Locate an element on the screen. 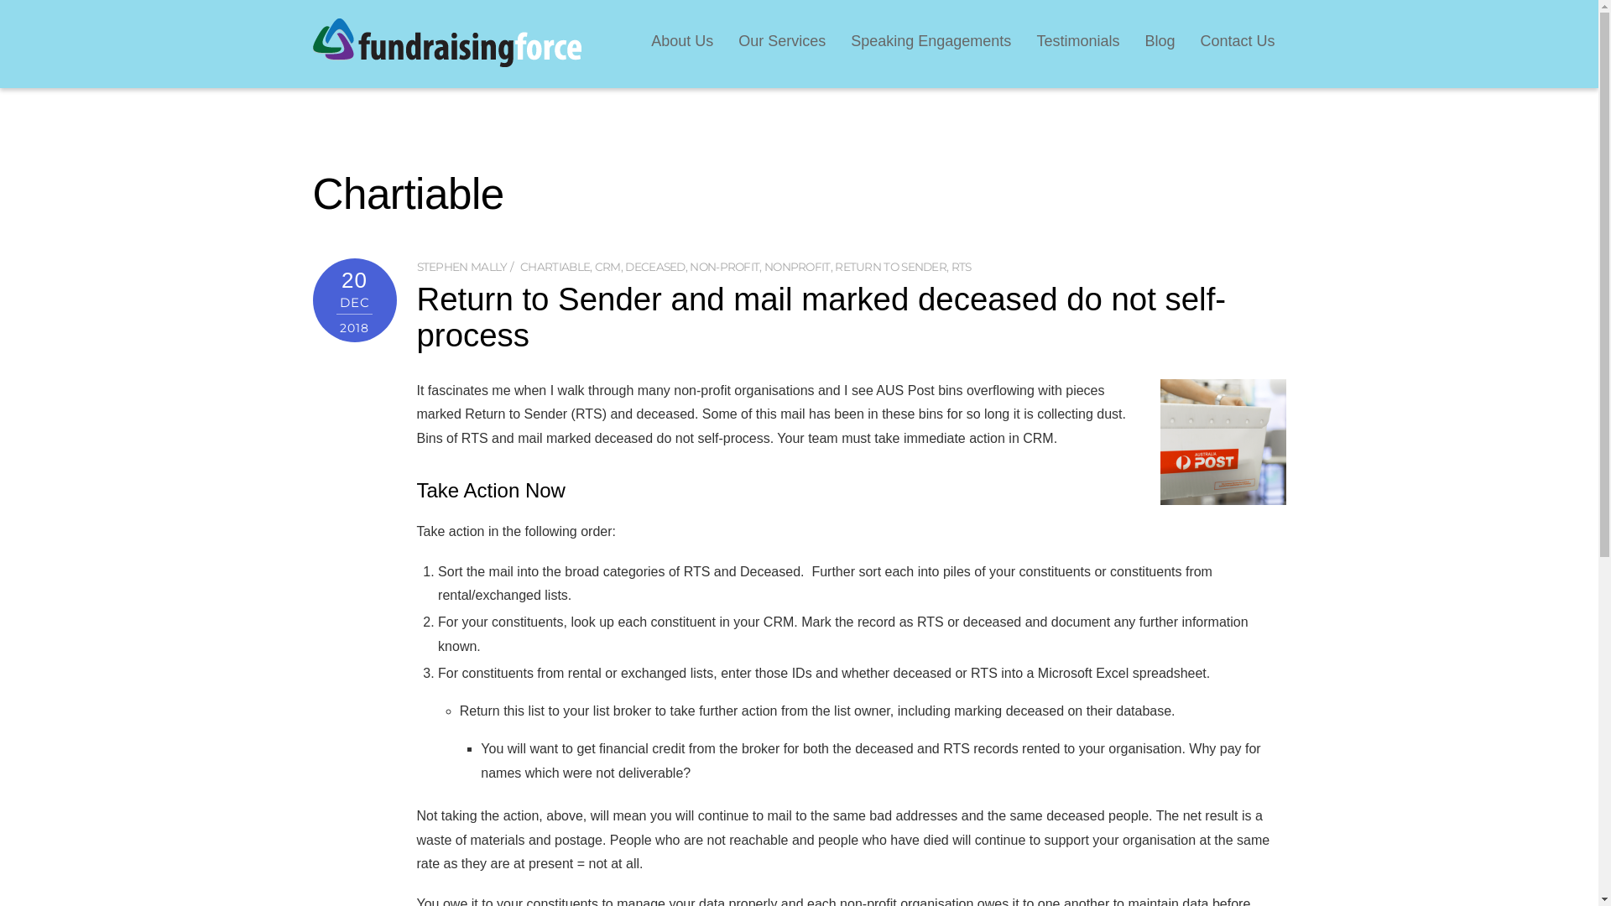 Image resolution: width=1611 pixels, height=906 pixels. 'Blog' is located at coordinates (1159, 38).